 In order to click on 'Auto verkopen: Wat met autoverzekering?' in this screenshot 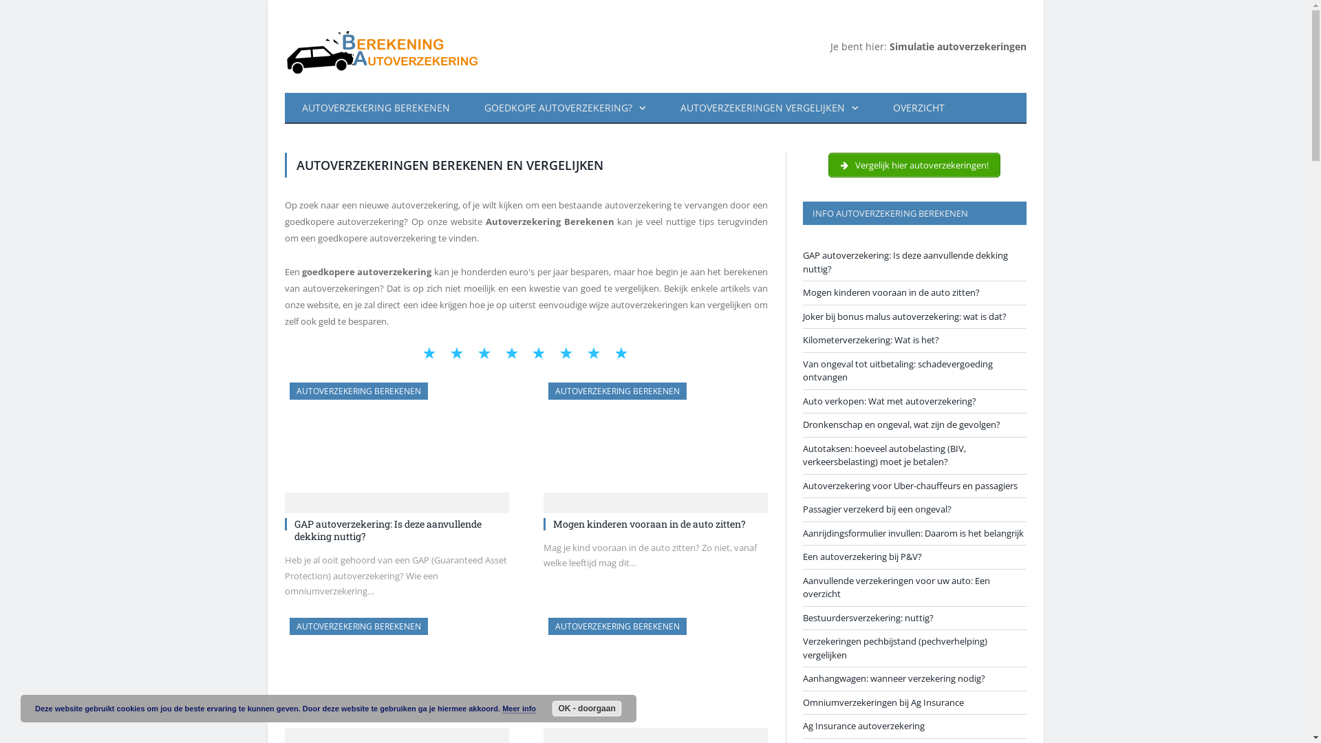, I will do `click(802, 400)`.